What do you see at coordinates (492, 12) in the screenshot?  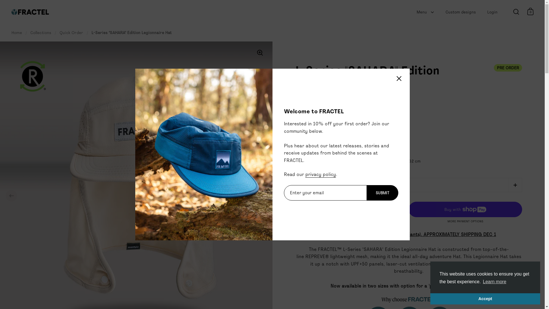 I see `'Login'` at bounding box center [492, 12].